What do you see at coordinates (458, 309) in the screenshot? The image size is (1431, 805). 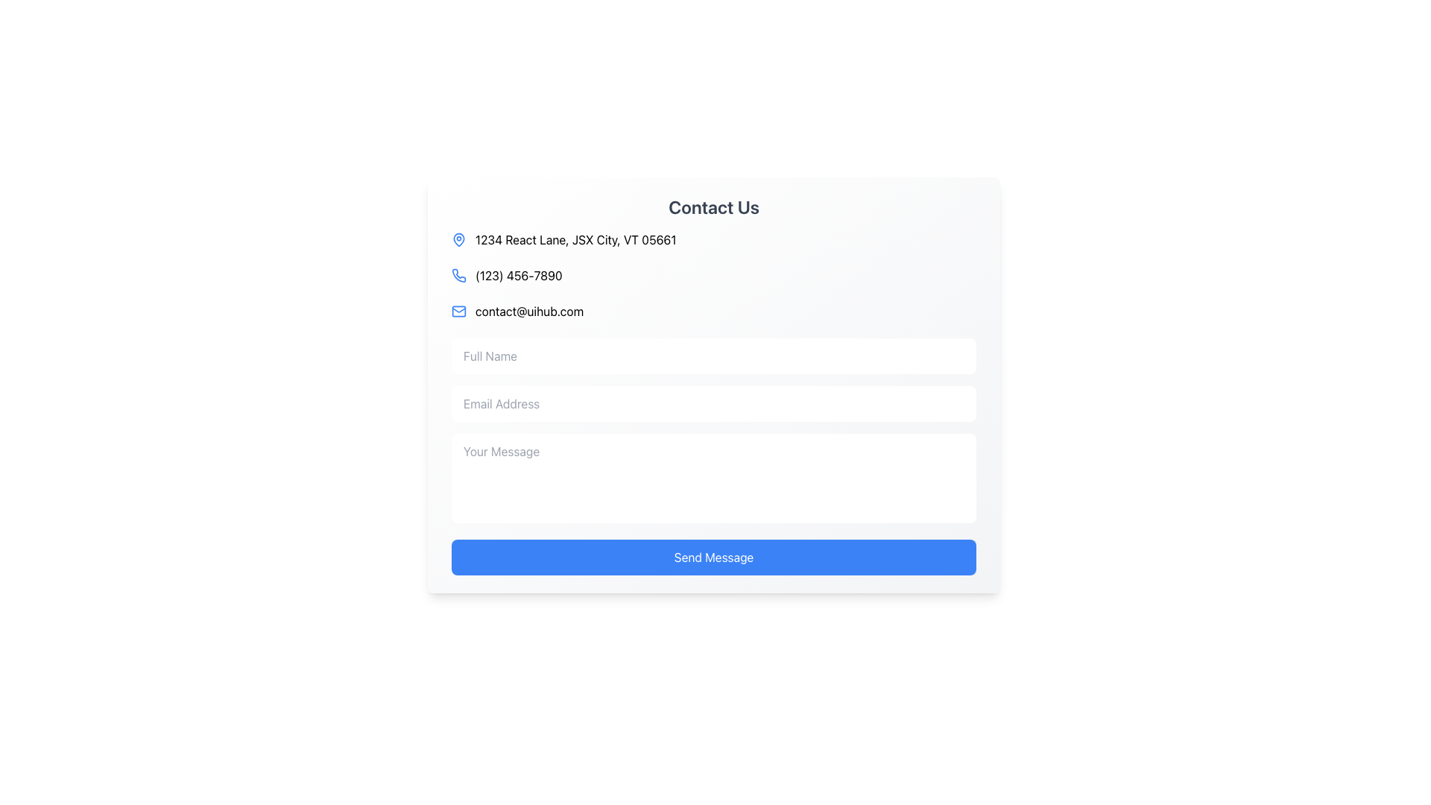 I see `the inner triangular part of the envelope icon, which is styled with a blue stroke and is located to the left of the email address 'contact@uihub.com'` at bounding box center [458, 309].